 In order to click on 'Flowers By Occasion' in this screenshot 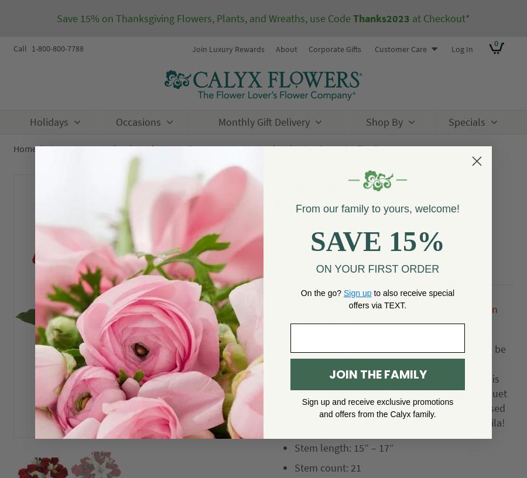, I will do `click(85, 148)`.